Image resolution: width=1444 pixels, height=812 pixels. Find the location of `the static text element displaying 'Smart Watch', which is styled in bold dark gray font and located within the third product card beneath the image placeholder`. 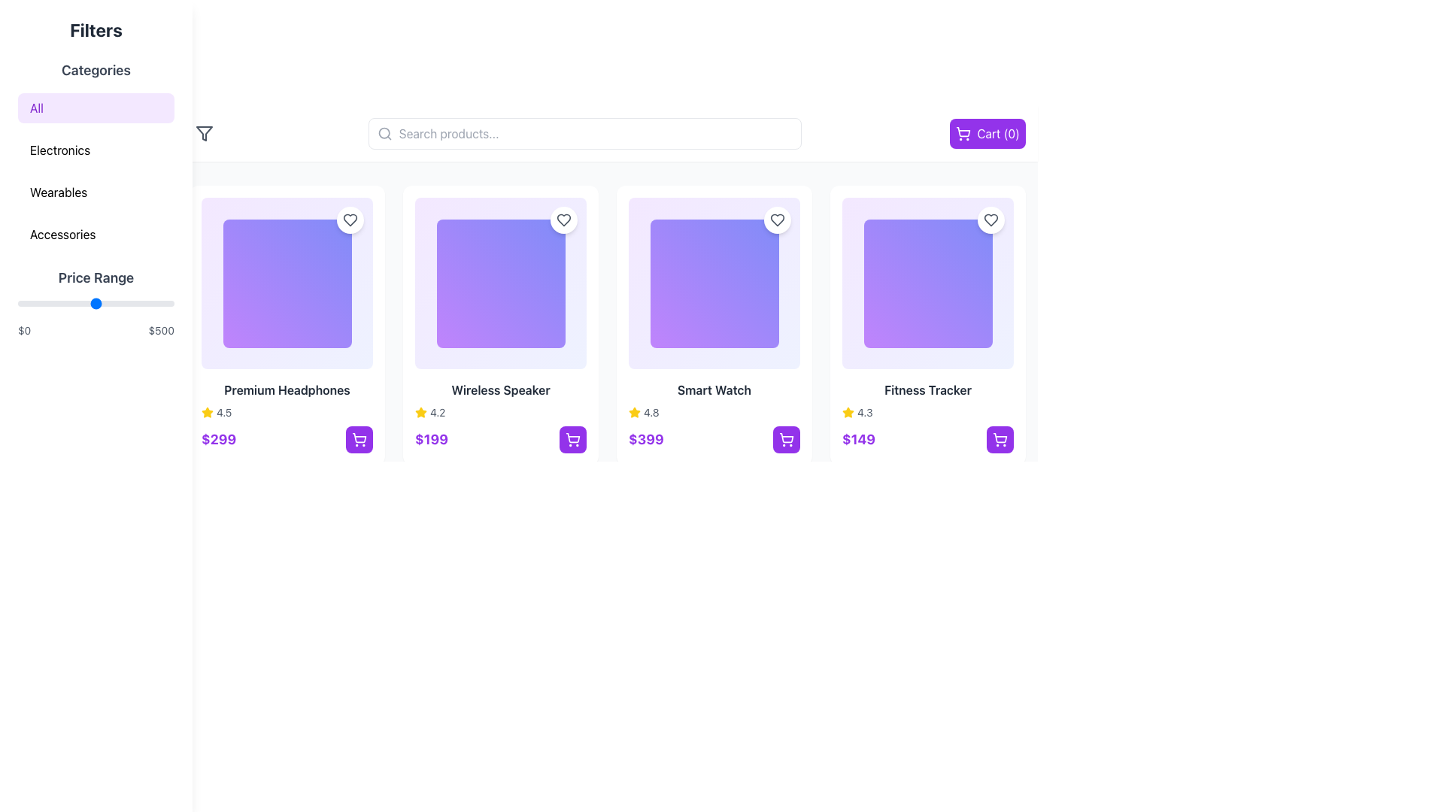

the static text element displaying 'Smart Watch', which is styled in bold dark gray font and located within the third product card beneath the image placeholder is located at coordinates (714, 389).